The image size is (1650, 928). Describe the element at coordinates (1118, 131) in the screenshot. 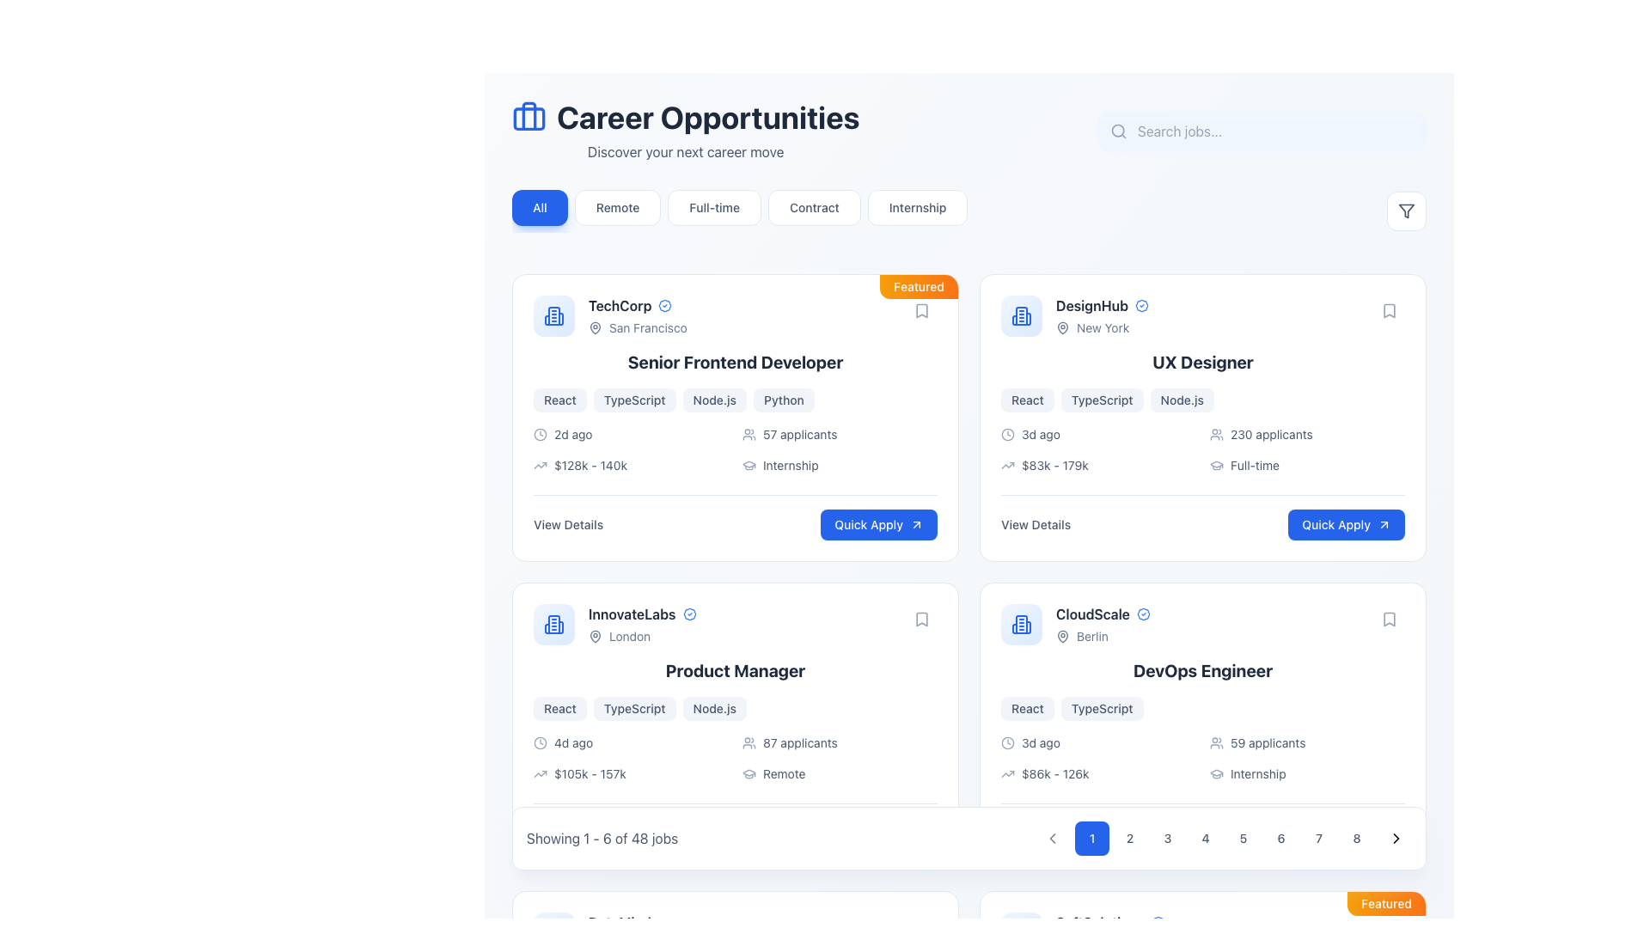

I see `the search icon located in the top-right section of the page, which allows the user to focus on the search bar or initiate a query` at that location.